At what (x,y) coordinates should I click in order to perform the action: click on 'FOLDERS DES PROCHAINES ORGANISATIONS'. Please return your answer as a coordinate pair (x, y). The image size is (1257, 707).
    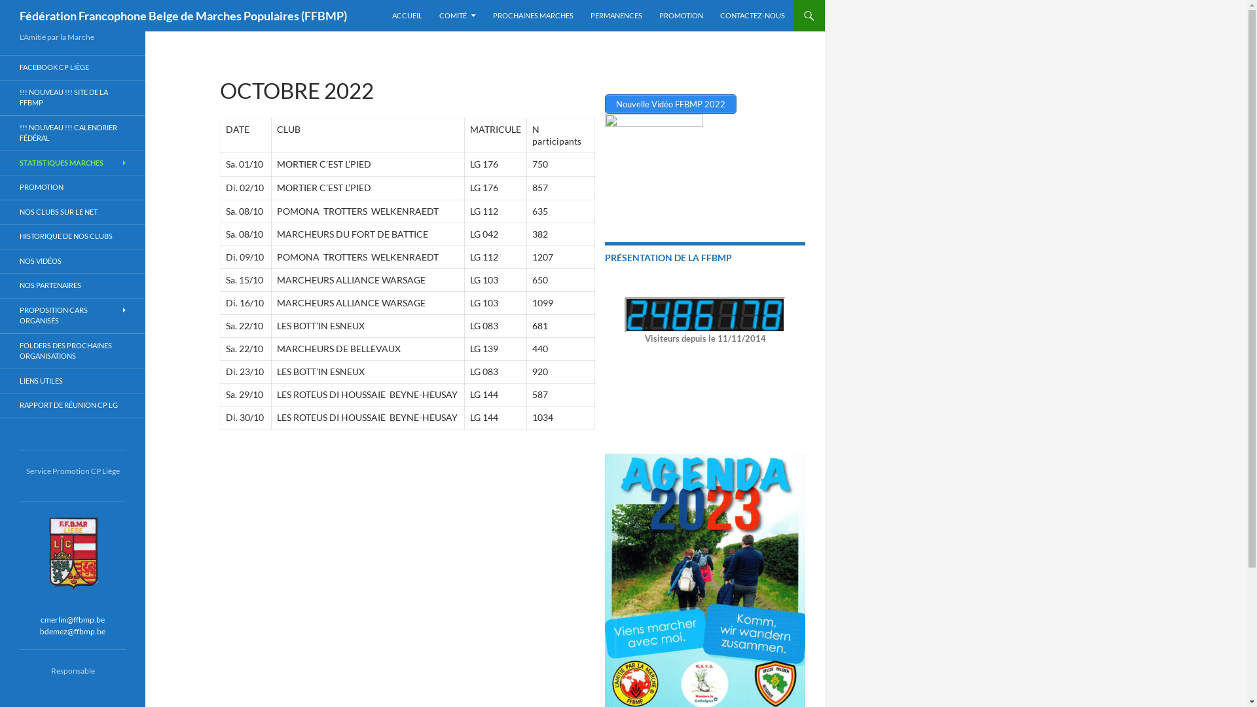
    Looking at the image, I should click on (71, 350).